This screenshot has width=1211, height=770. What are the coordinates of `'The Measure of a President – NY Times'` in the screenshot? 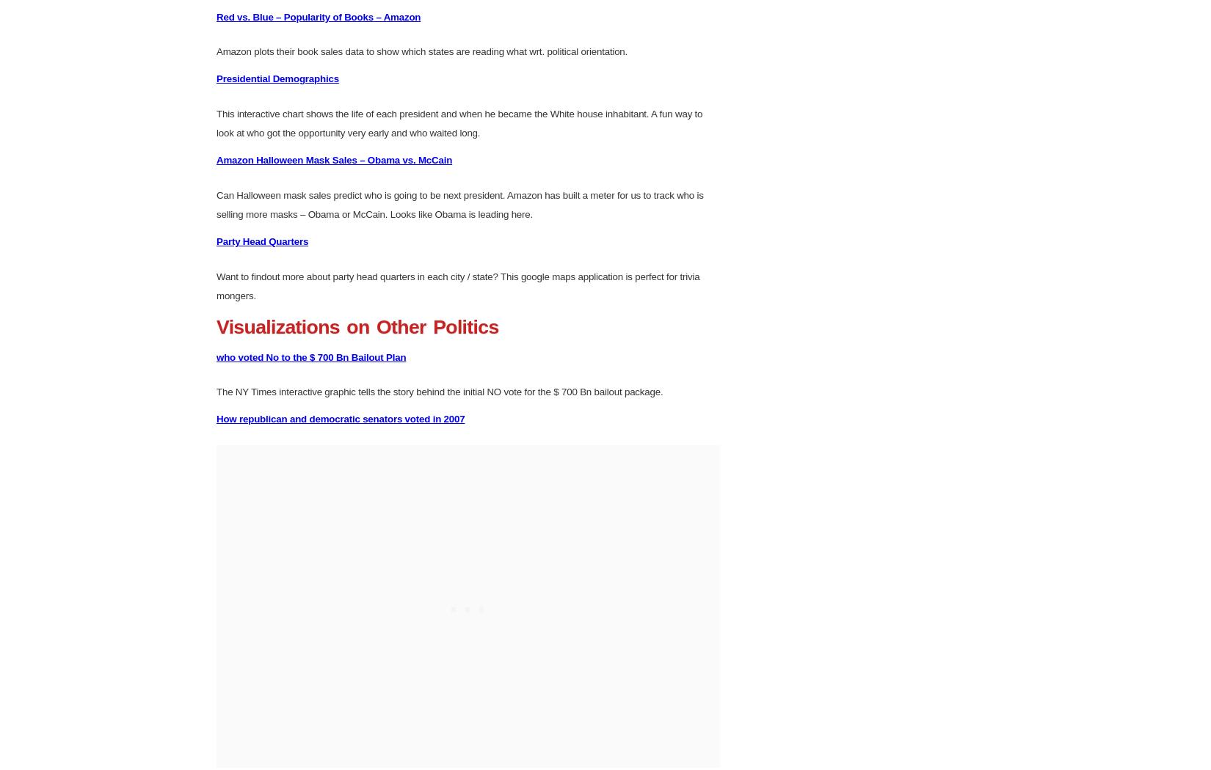 It's located at (304, 56).